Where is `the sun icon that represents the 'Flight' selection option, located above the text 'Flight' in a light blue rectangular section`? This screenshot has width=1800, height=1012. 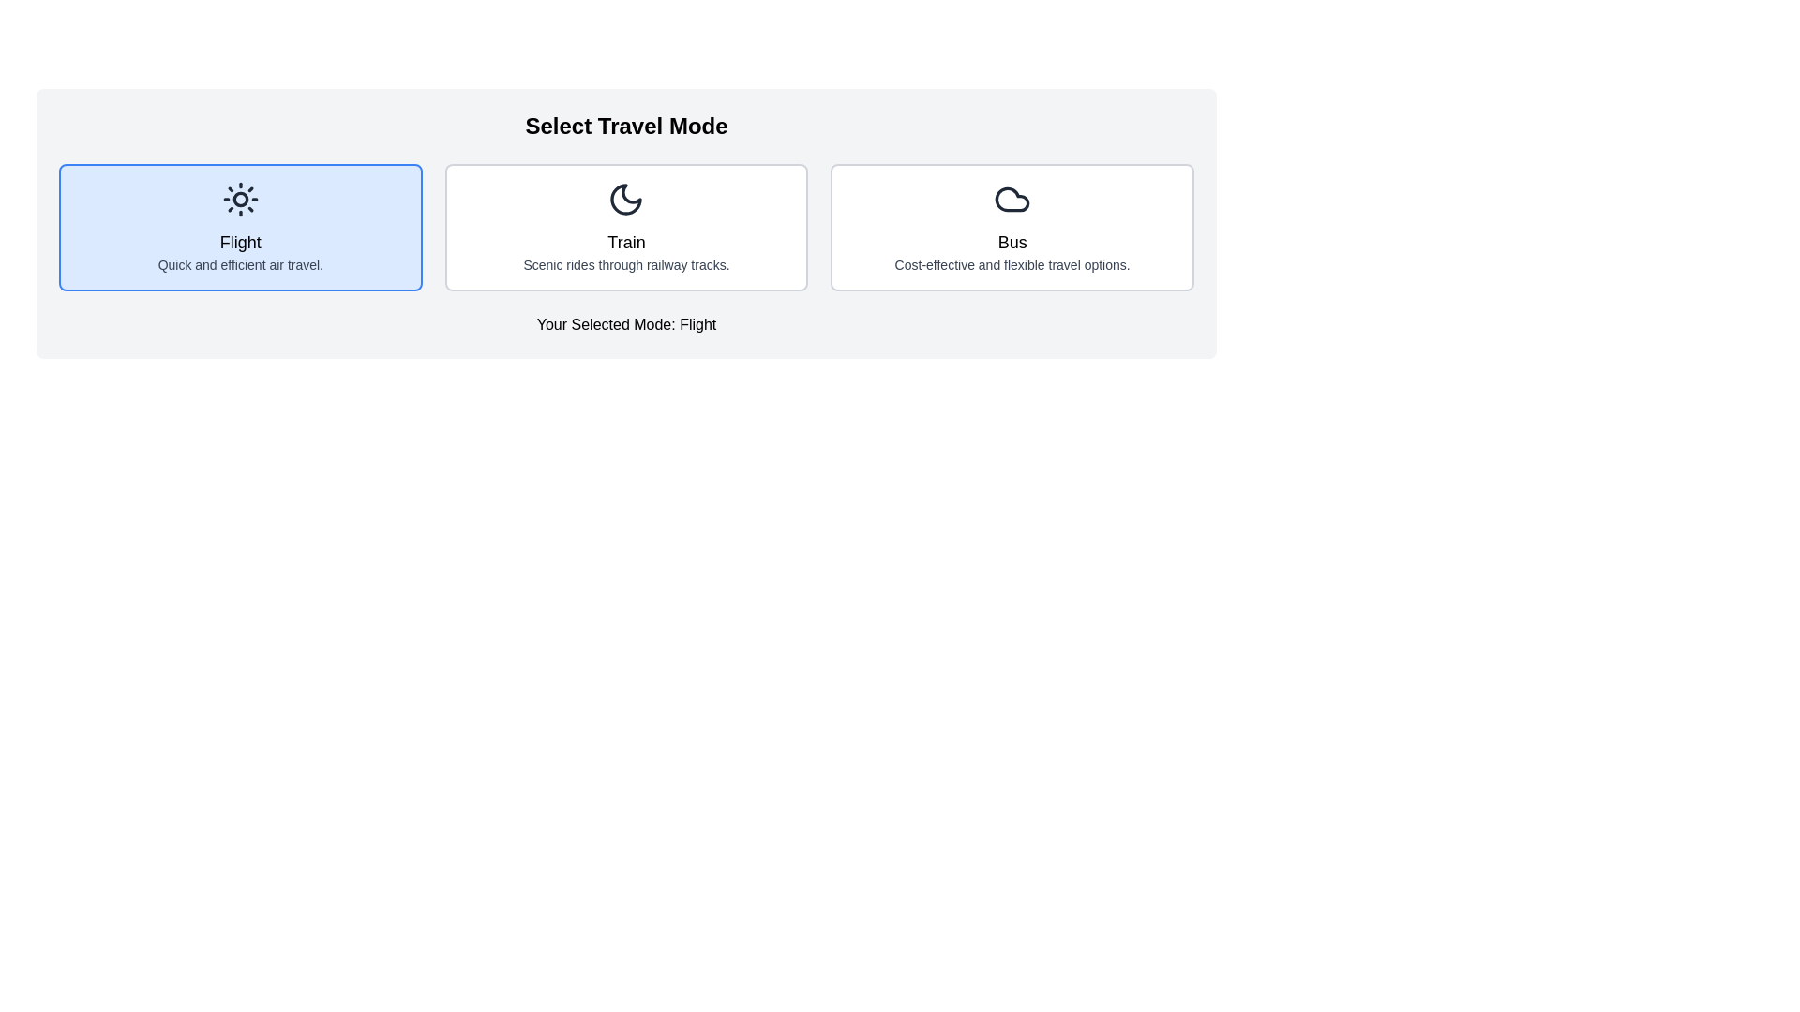 the sun icon that represents the 'Flight' selection option, located above the text 'Flight' in a light blue rectangular section is located at coordinates (239, 199).